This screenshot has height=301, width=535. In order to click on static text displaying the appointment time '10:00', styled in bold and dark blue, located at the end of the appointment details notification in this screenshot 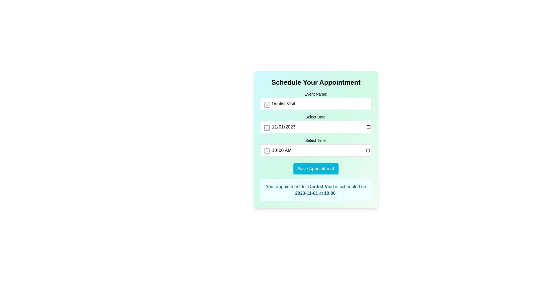, I will do `click(330, 193)`.